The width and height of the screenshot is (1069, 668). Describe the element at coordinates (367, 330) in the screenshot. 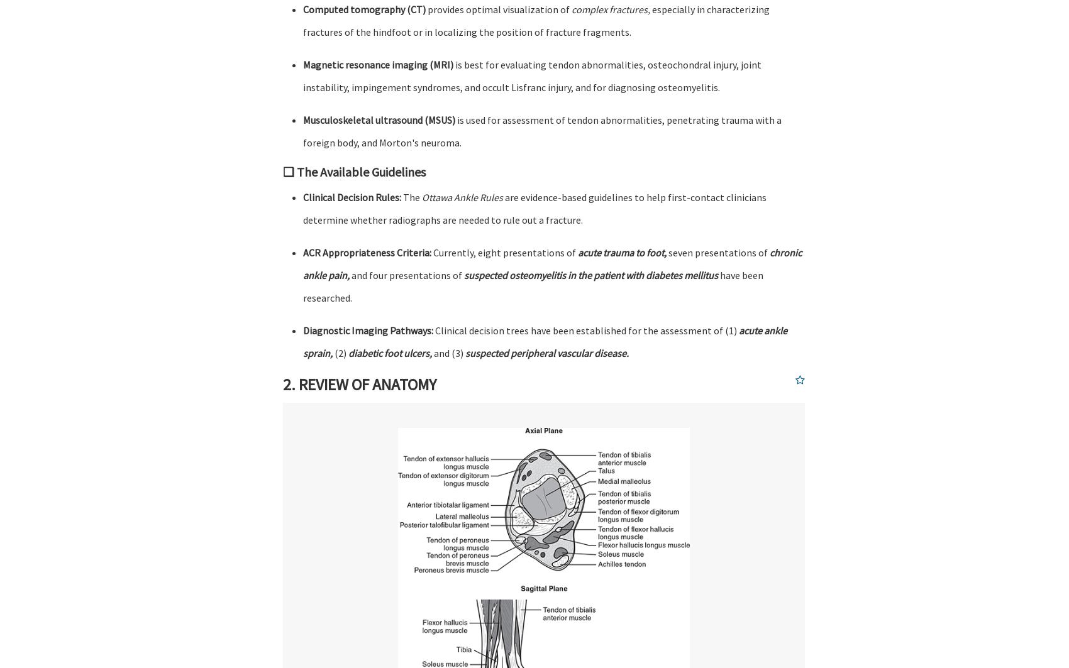

I see `'Diagnostic Imaging Pathways:'` at that location.